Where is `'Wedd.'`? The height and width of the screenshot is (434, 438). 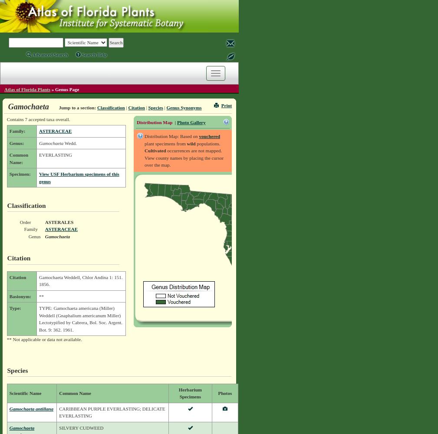 'Wedd.' is located at coordinates (69, 142).